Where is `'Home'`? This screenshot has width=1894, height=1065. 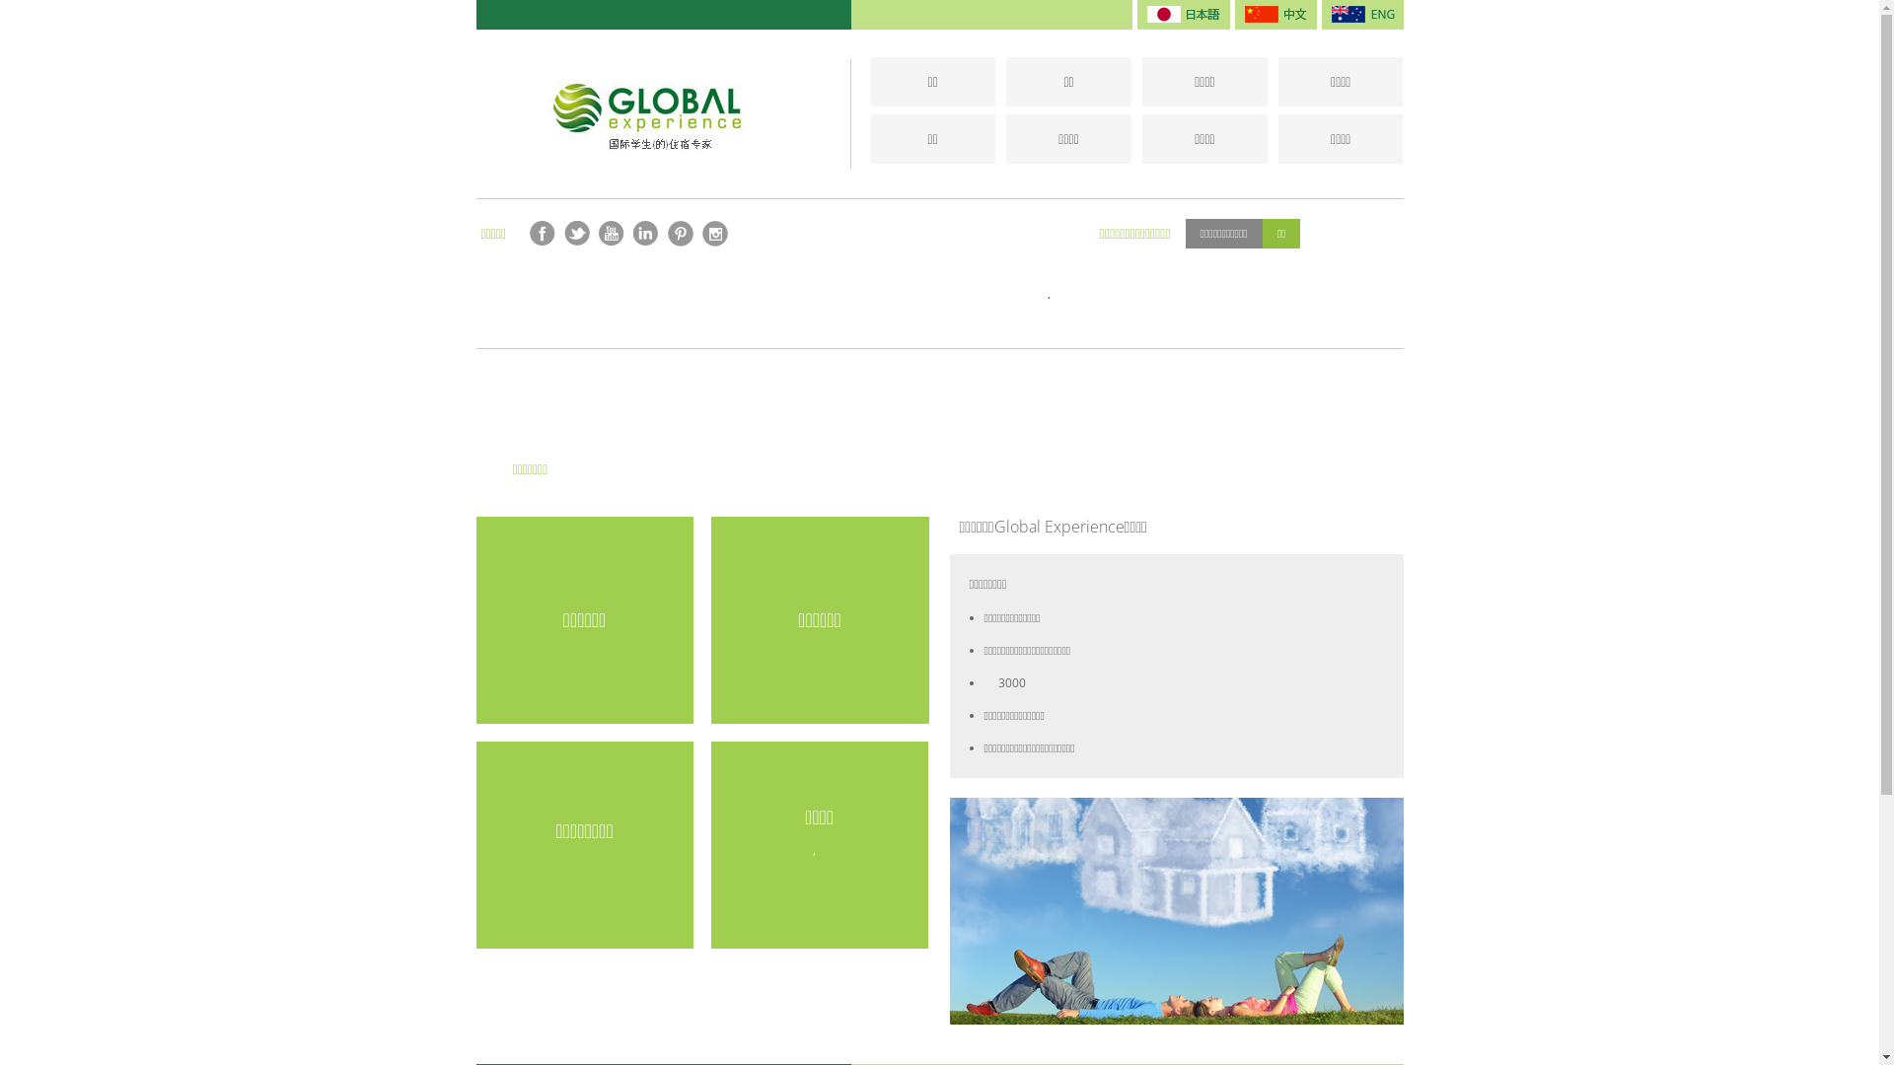 'Home' is located at coordinates (663, 113).